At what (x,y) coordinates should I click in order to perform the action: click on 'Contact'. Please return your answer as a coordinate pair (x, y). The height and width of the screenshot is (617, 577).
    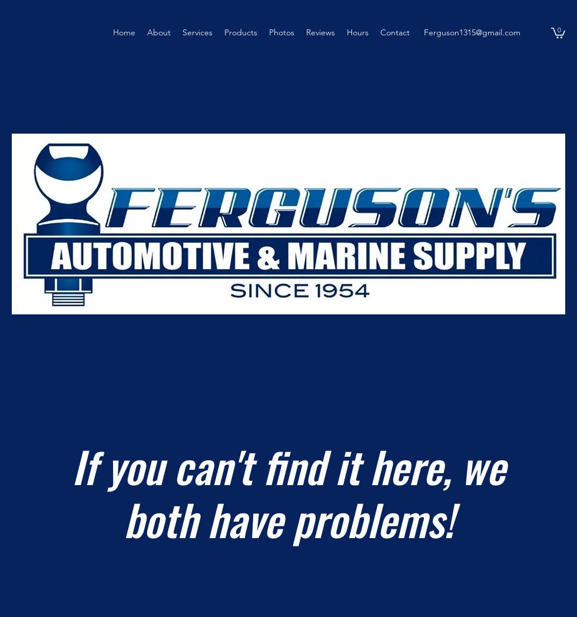
    Looking at the image, I should click on (380, 32).